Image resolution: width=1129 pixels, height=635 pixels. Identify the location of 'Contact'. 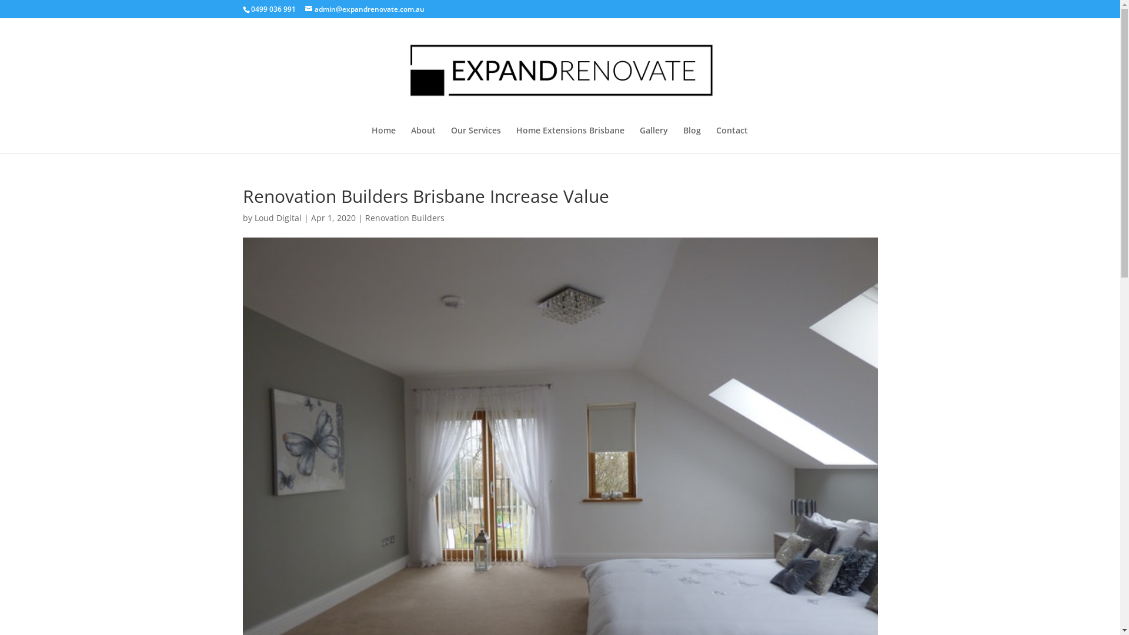
(731, 139).